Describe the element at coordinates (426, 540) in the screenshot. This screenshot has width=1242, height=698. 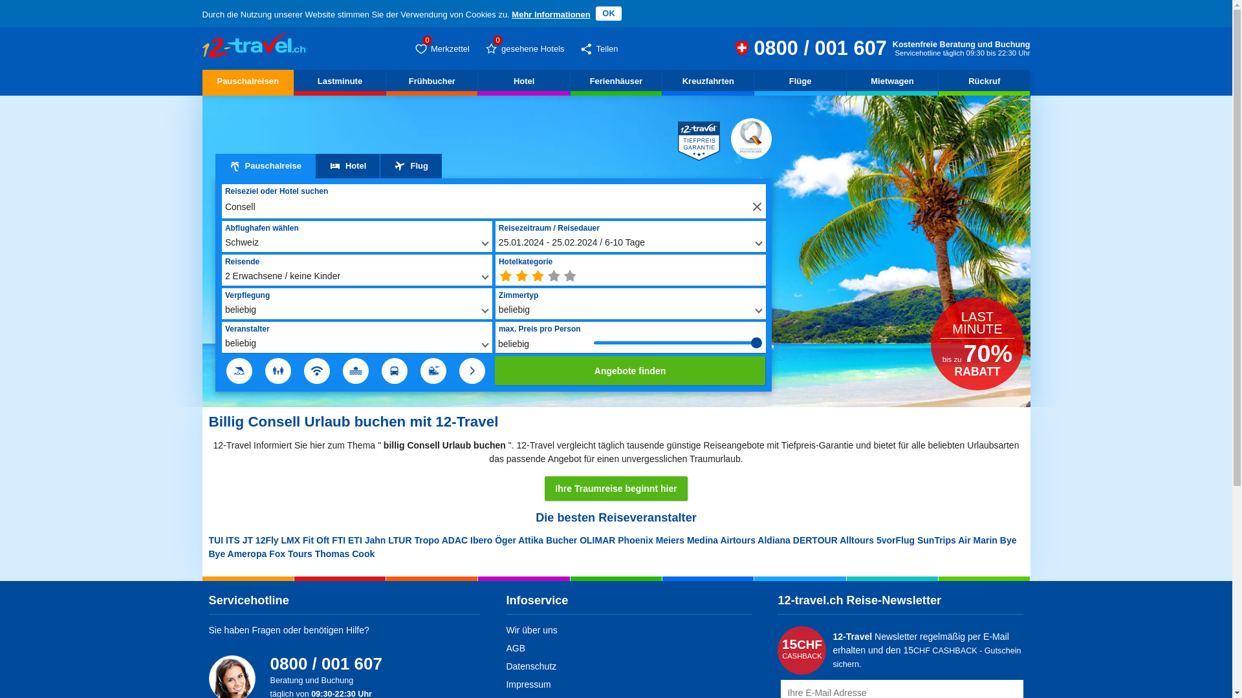
I see `'Tropo'` at that location.